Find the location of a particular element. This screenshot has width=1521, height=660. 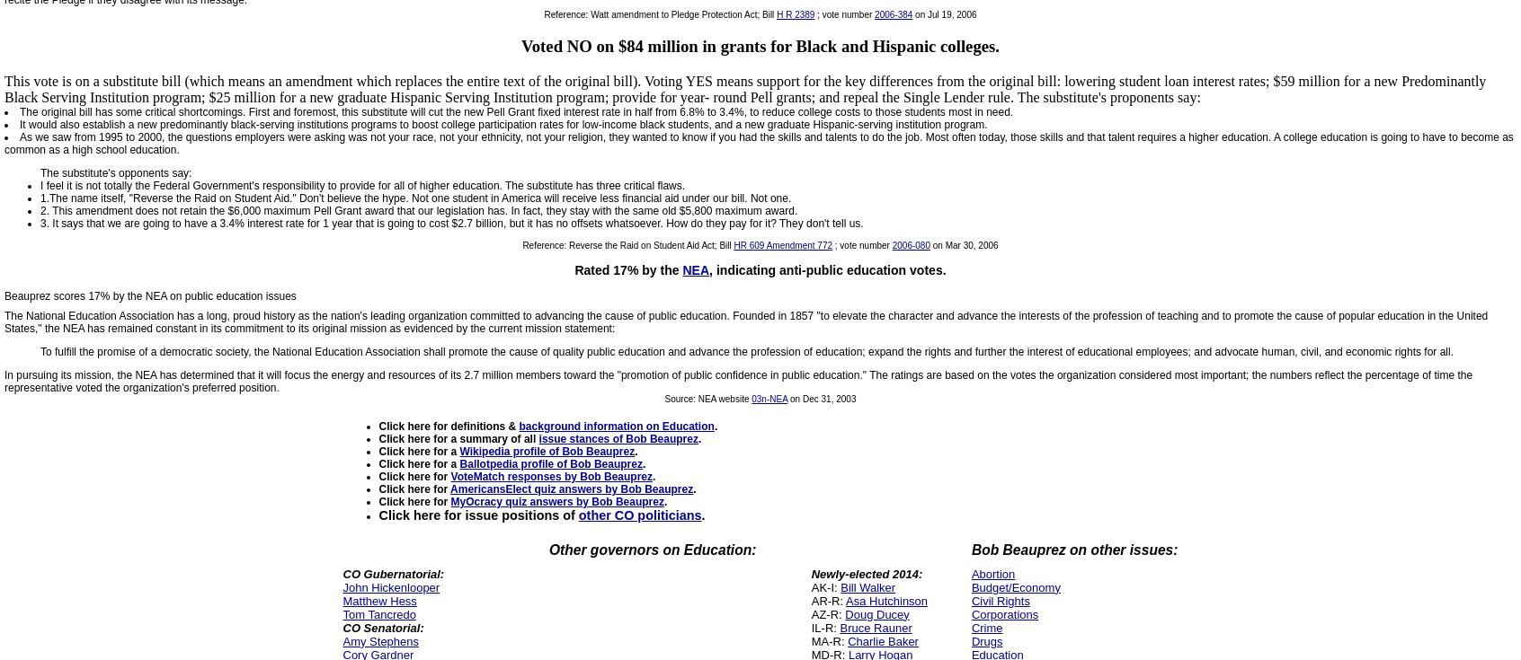

'MA-R:' is located at coordinates (810, 640).